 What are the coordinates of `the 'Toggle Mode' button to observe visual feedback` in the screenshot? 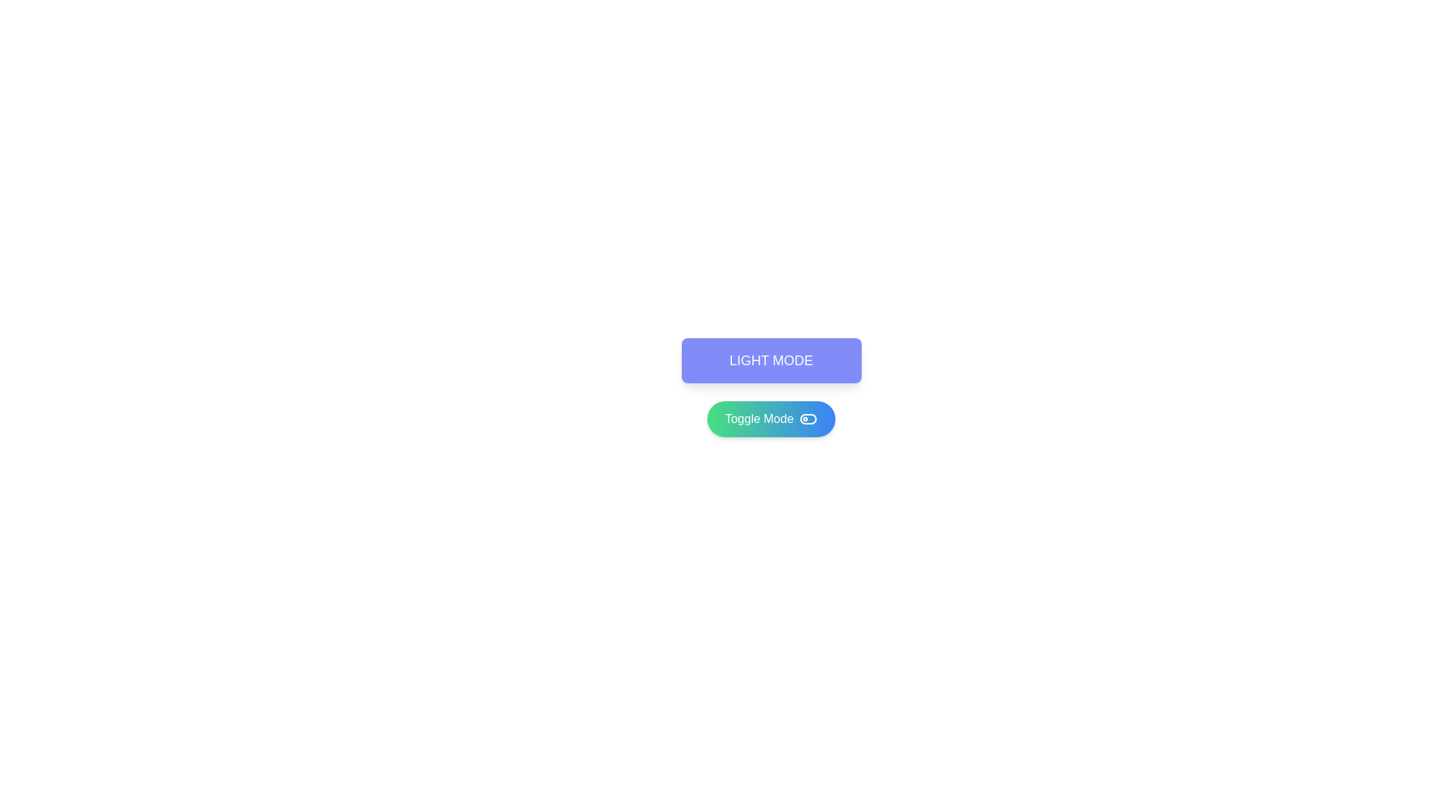 It's located at (771, 419).